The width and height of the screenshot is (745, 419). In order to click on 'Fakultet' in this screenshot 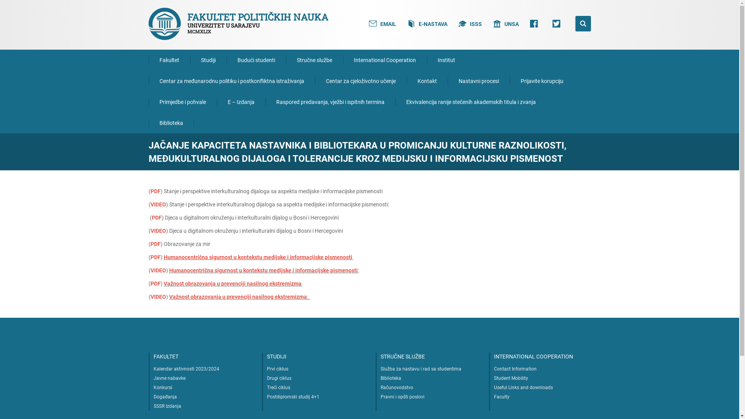, I will do `click(168, 59)`.